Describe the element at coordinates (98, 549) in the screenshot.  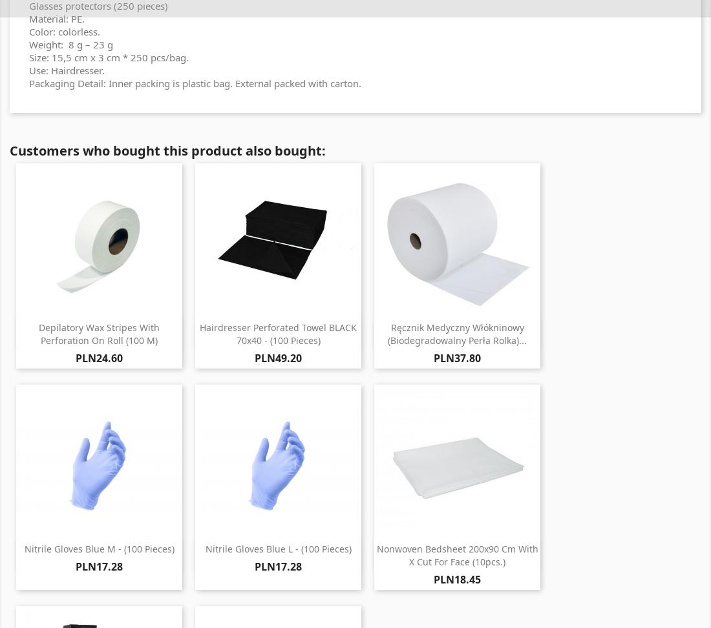
I see `'Nitrile gloves blue M - (100 pieces)'` at that location.